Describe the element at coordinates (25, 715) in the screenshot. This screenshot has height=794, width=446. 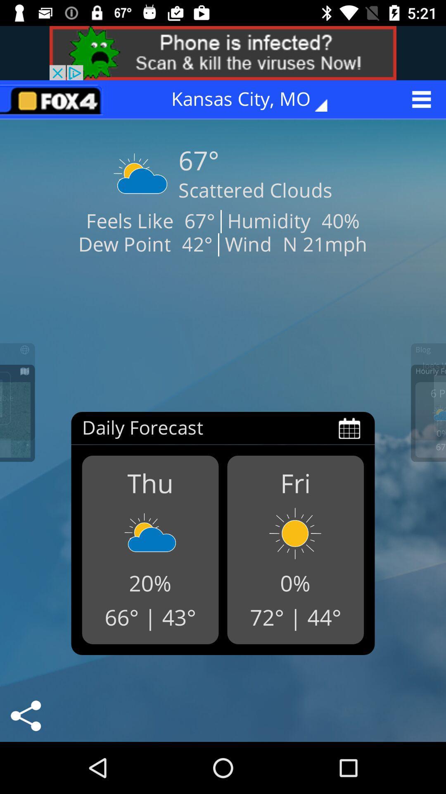
I see `the share icon` at that location.